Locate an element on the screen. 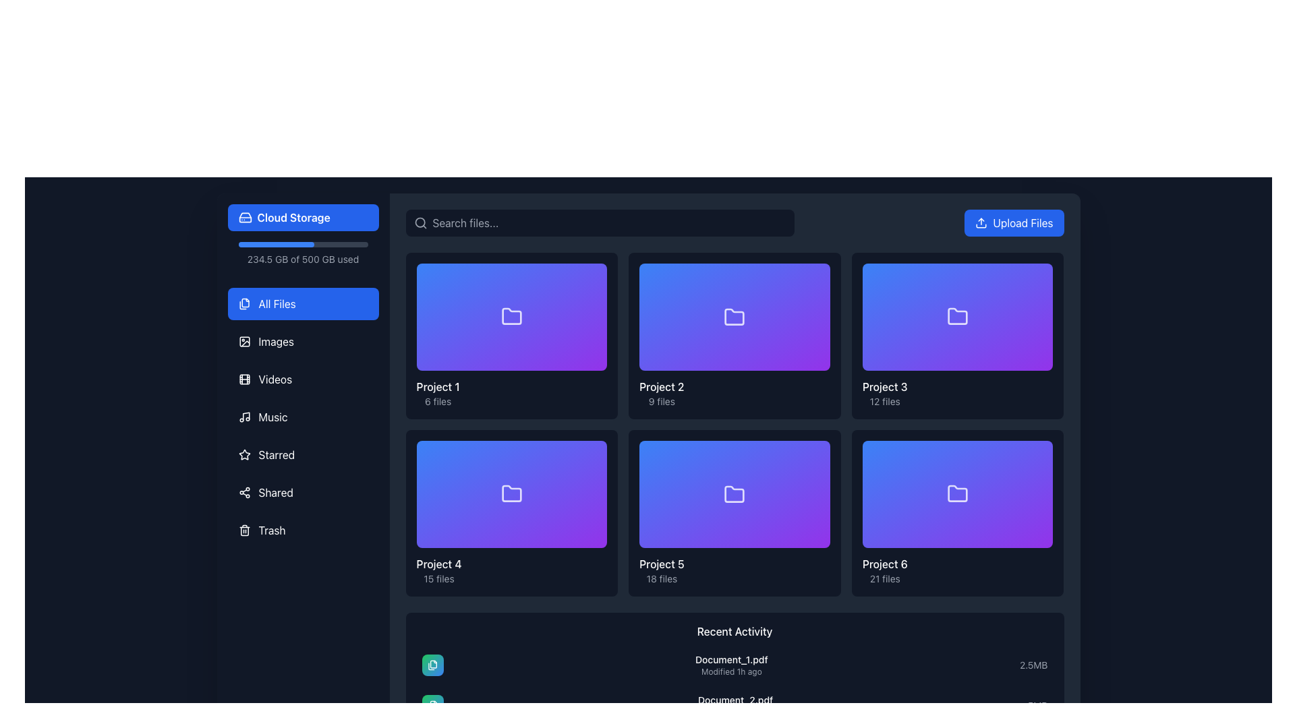 This screenshot has width=1295, height=728. the 'Images' text label in the sidebar is located at coordinates (275, 340).